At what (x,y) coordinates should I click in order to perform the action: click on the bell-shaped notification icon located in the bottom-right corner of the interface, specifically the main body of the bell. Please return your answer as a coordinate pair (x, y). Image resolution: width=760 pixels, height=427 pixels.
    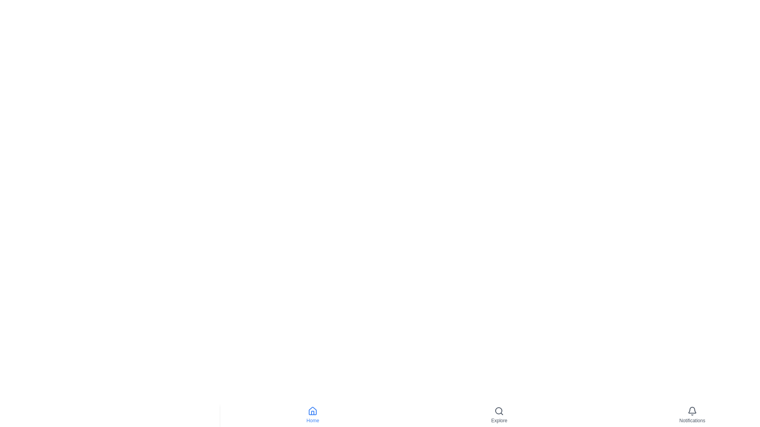
    Looking at the image, I should click on (692, 410).